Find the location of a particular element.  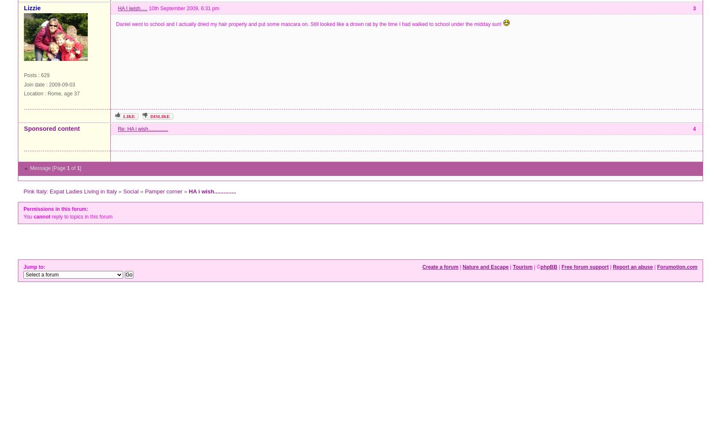

'Jump to:' is located at coordinates (35, 267).